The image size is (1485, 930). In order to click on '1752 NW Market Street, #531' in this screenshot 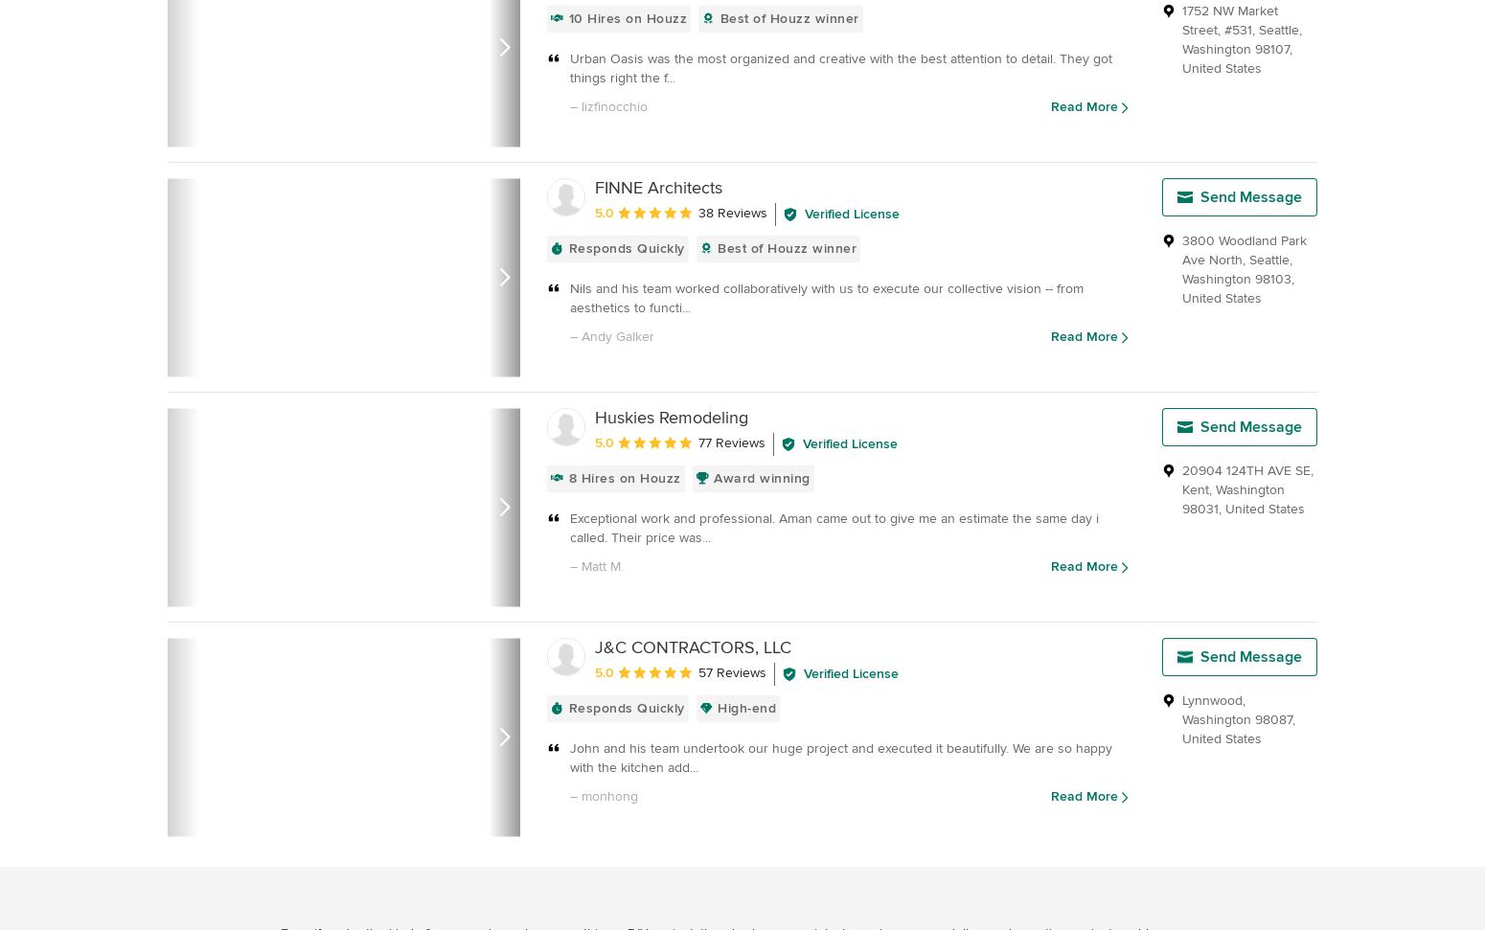, I will do `click(1229, 20)`.